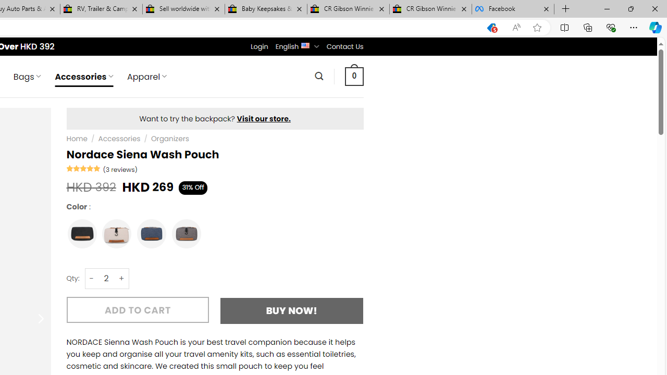  What do you see at coordinates (588, 27) in the screenshot?
I see `'Collections'` at bounding box center [588, 27].